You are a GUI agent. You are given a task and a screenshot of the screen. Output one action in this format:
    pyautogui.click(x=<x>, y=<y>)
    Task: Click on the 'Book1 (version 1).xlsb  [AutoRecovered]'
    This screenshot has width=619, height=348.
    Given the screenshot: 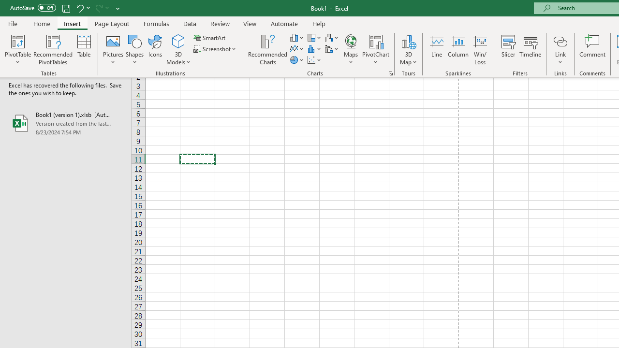 What is the action you would take?
    pyautogui.click(x=65, y=122)
    